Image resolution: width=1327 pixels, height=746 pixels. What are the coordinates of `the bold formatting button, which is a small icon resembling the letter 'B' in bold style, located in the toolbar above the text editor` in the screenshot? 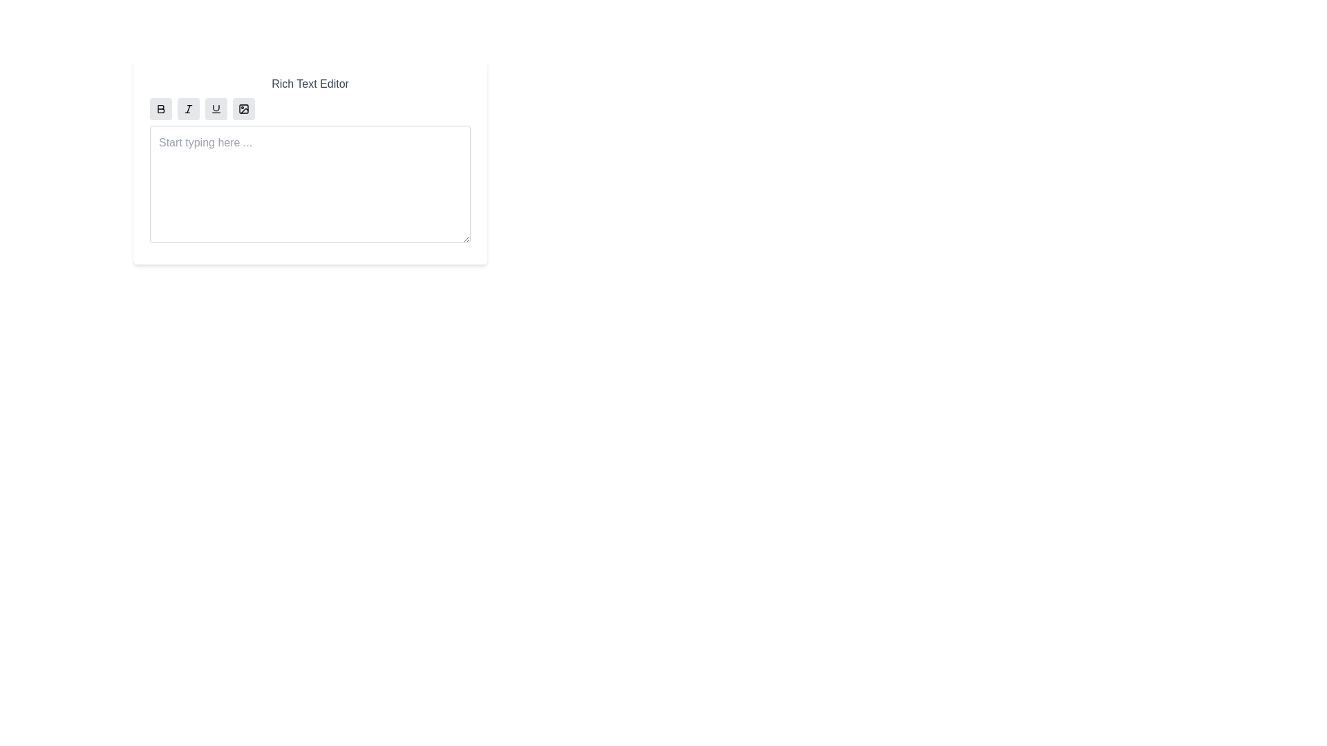 It's located at (161, 108).